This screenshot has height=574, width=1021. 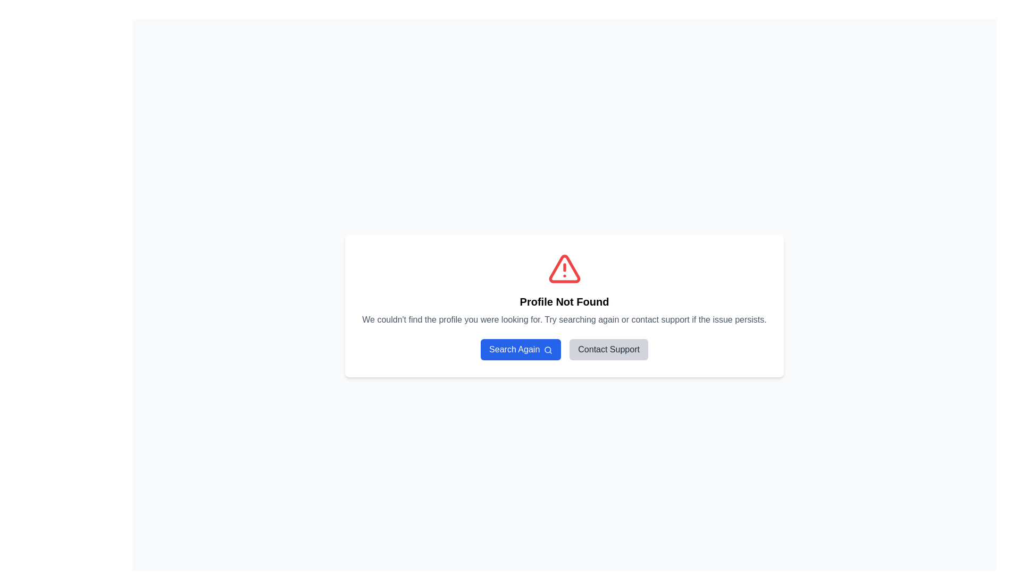 I want to click on the second button in the horizontal layout, which initiates a support-related action, to observe the hover effects, so click(x=609, y=350).